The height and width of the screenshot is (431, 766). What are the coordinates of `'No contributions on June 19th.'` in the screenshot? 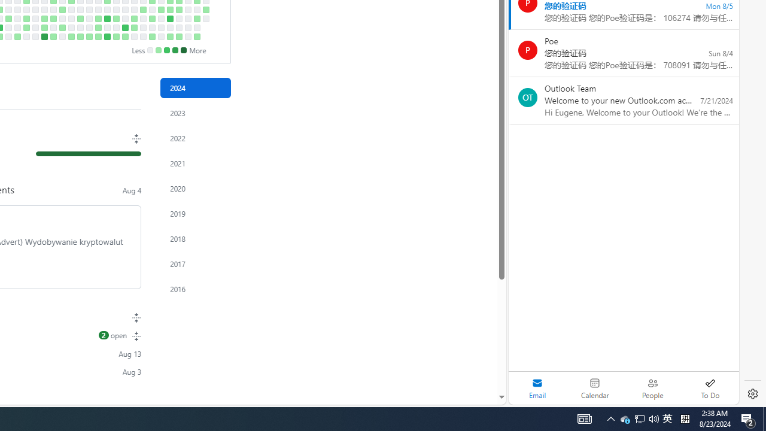 It's located at (125, 10).